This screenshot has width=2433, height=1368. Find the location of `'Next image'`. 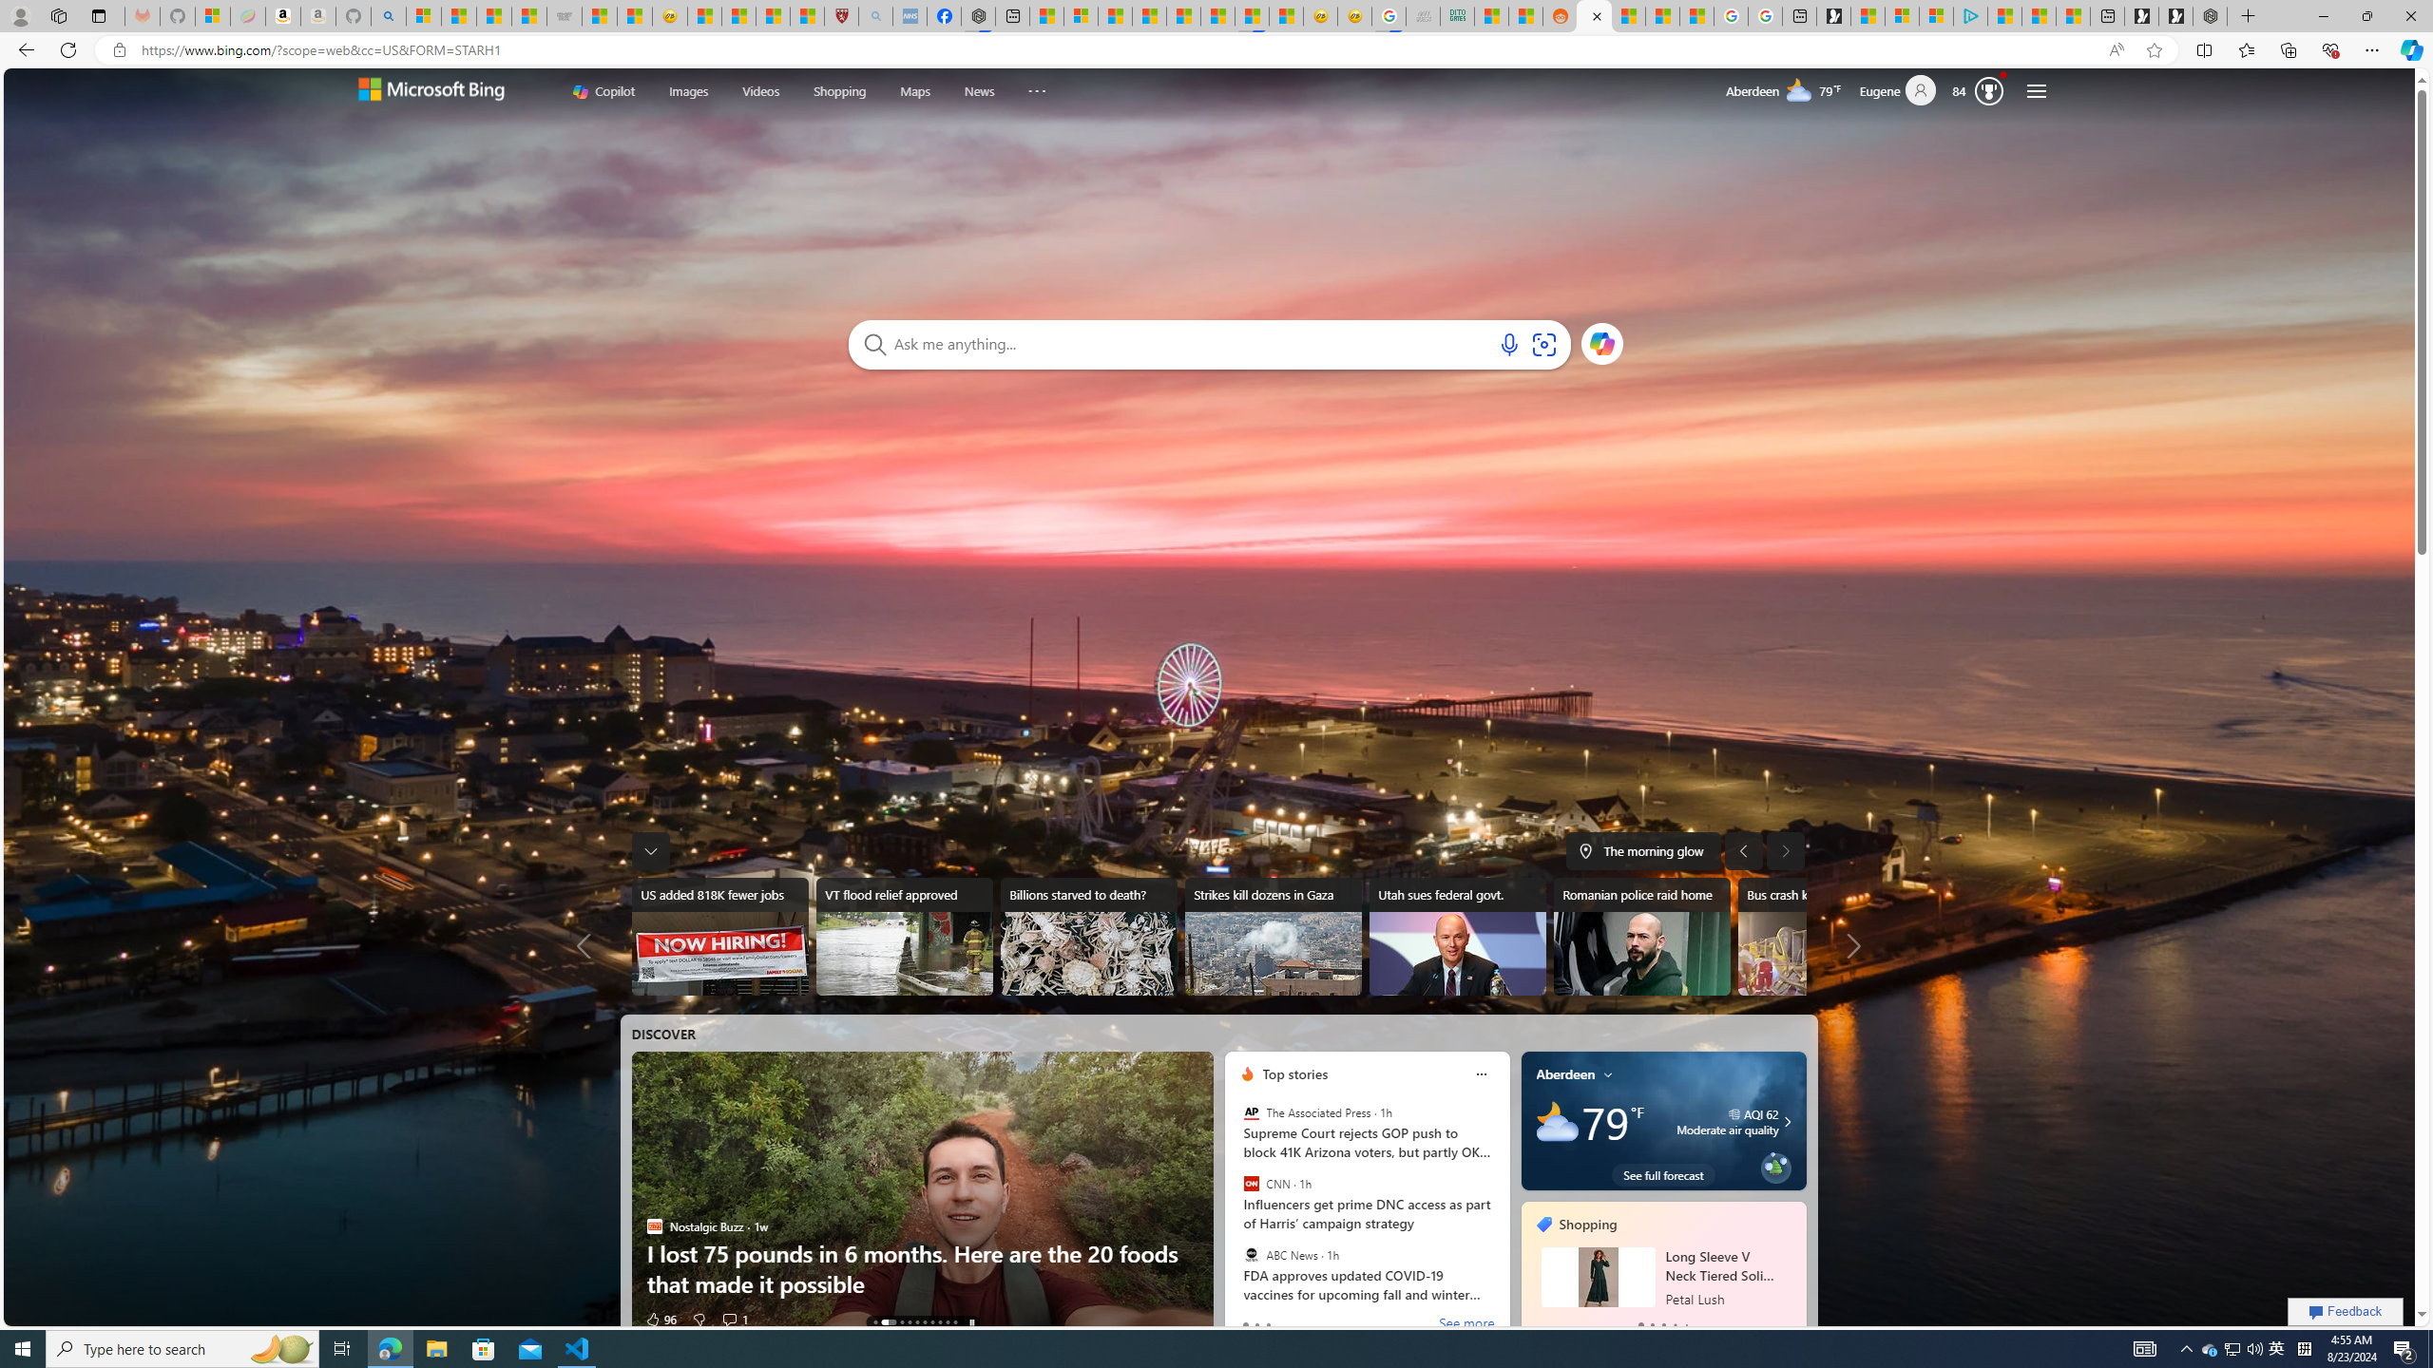

'Next image' is located at coordinates (1786, 850).